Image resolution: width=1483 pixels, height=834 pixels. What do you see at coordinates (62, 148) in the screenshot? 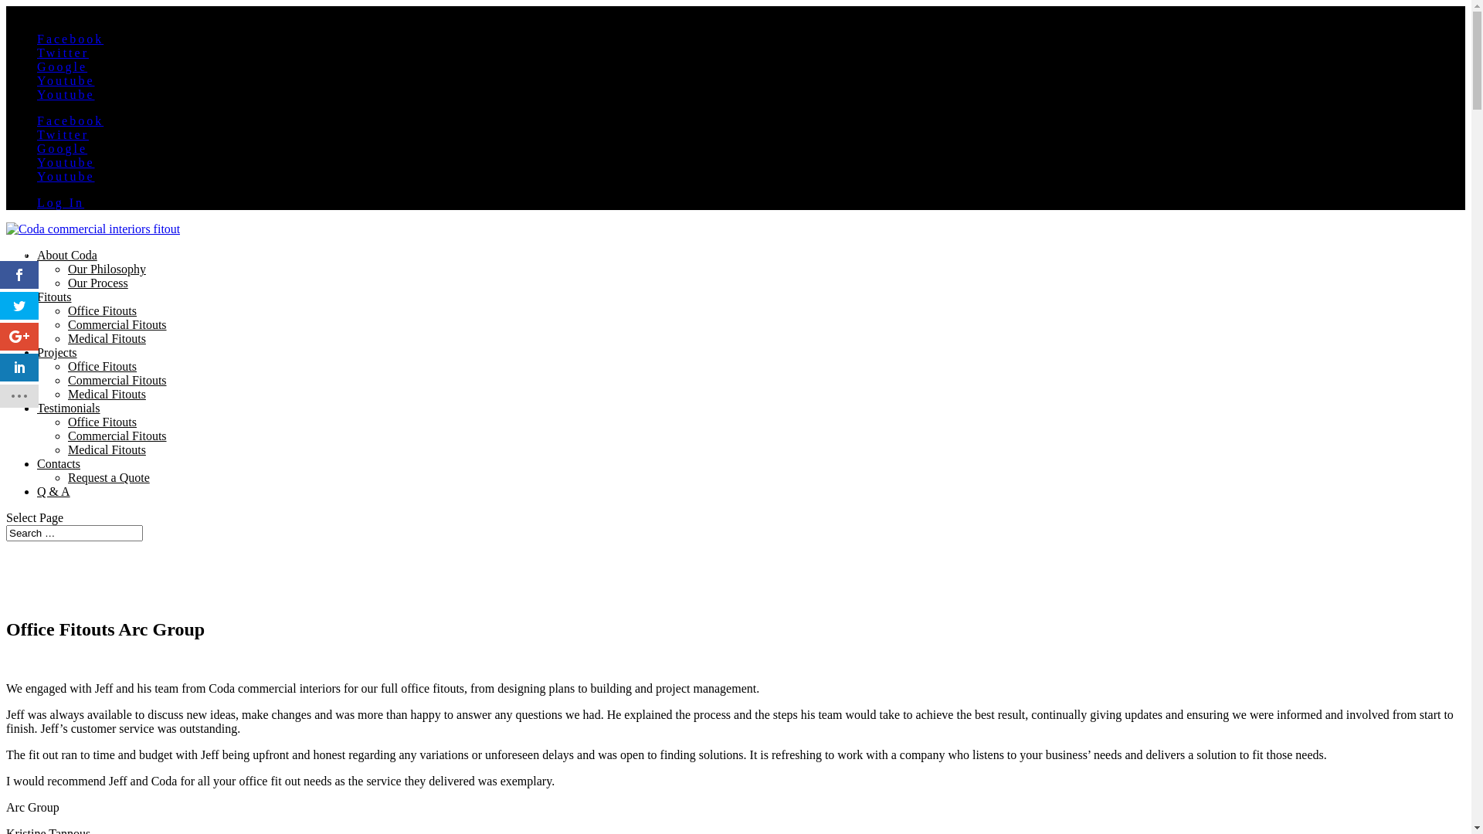
I see `'Google'` at bounding box center [62, 148].